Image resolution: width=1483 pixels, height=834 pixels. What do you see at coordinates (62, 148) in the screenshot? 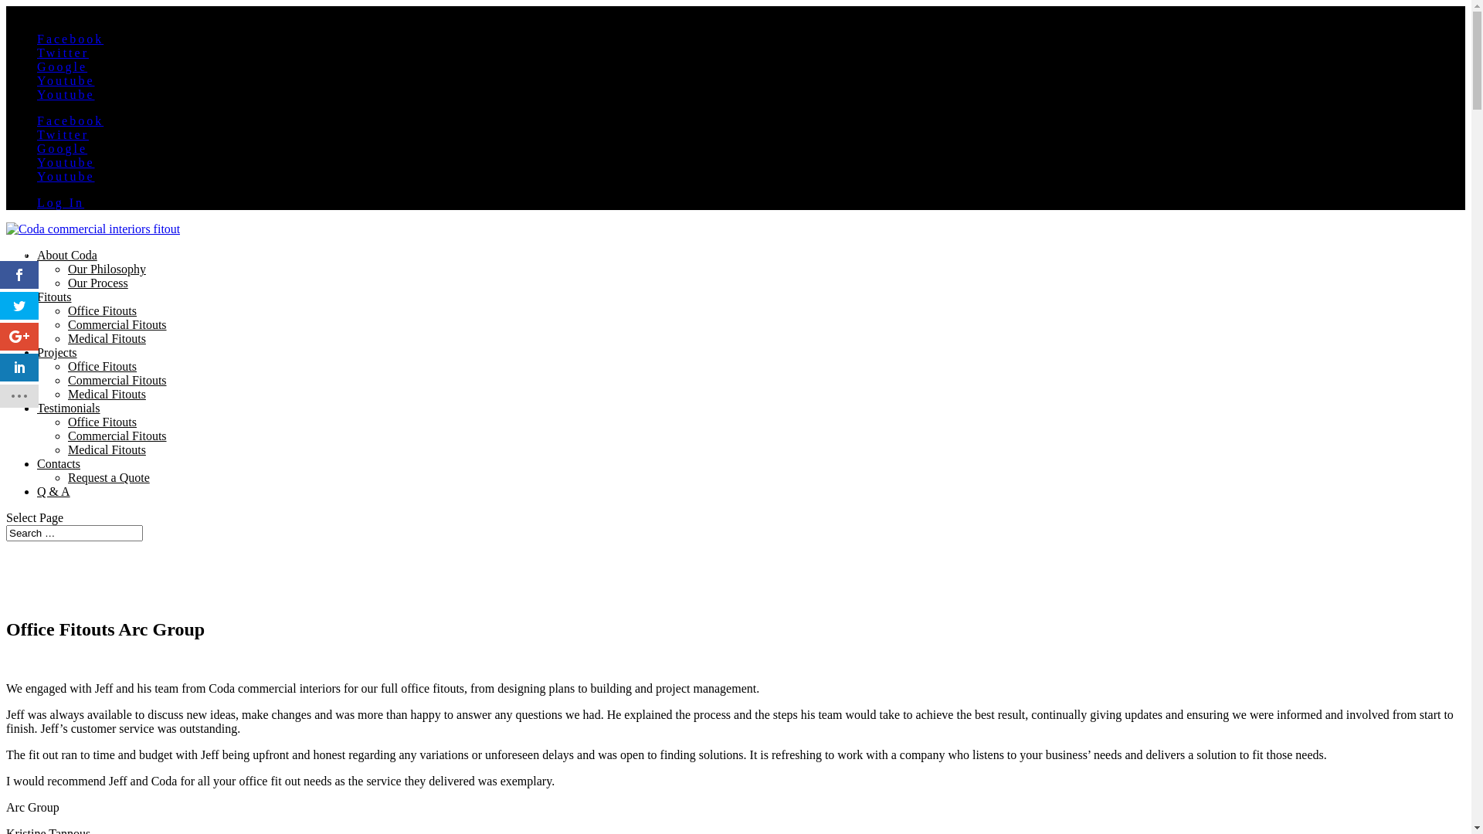
I see `'Google'` at bounding box center [62, 148].